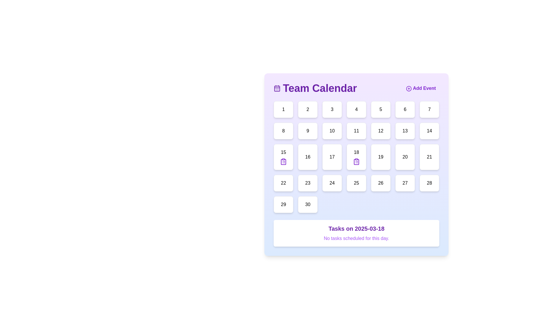 This screenshot has width=556, height=313. Describe the element at coordinates (381, 157) in the screenshot. I see `the calendar day cell representing the 19th day` at that location.